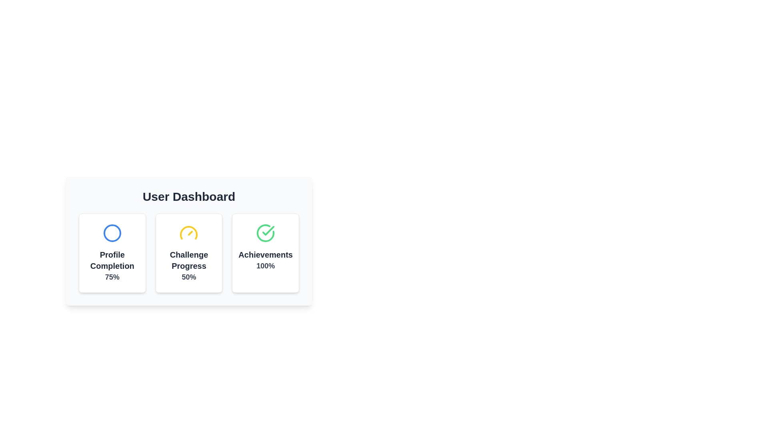  Describe the element at coordinates (266, 266) in the screenshot. I see `the label displaying '100%' in bold dark gray font, located beneath the 'Achievements' text in the white rounded rectangular card on the User Dashboard interface` at that location.